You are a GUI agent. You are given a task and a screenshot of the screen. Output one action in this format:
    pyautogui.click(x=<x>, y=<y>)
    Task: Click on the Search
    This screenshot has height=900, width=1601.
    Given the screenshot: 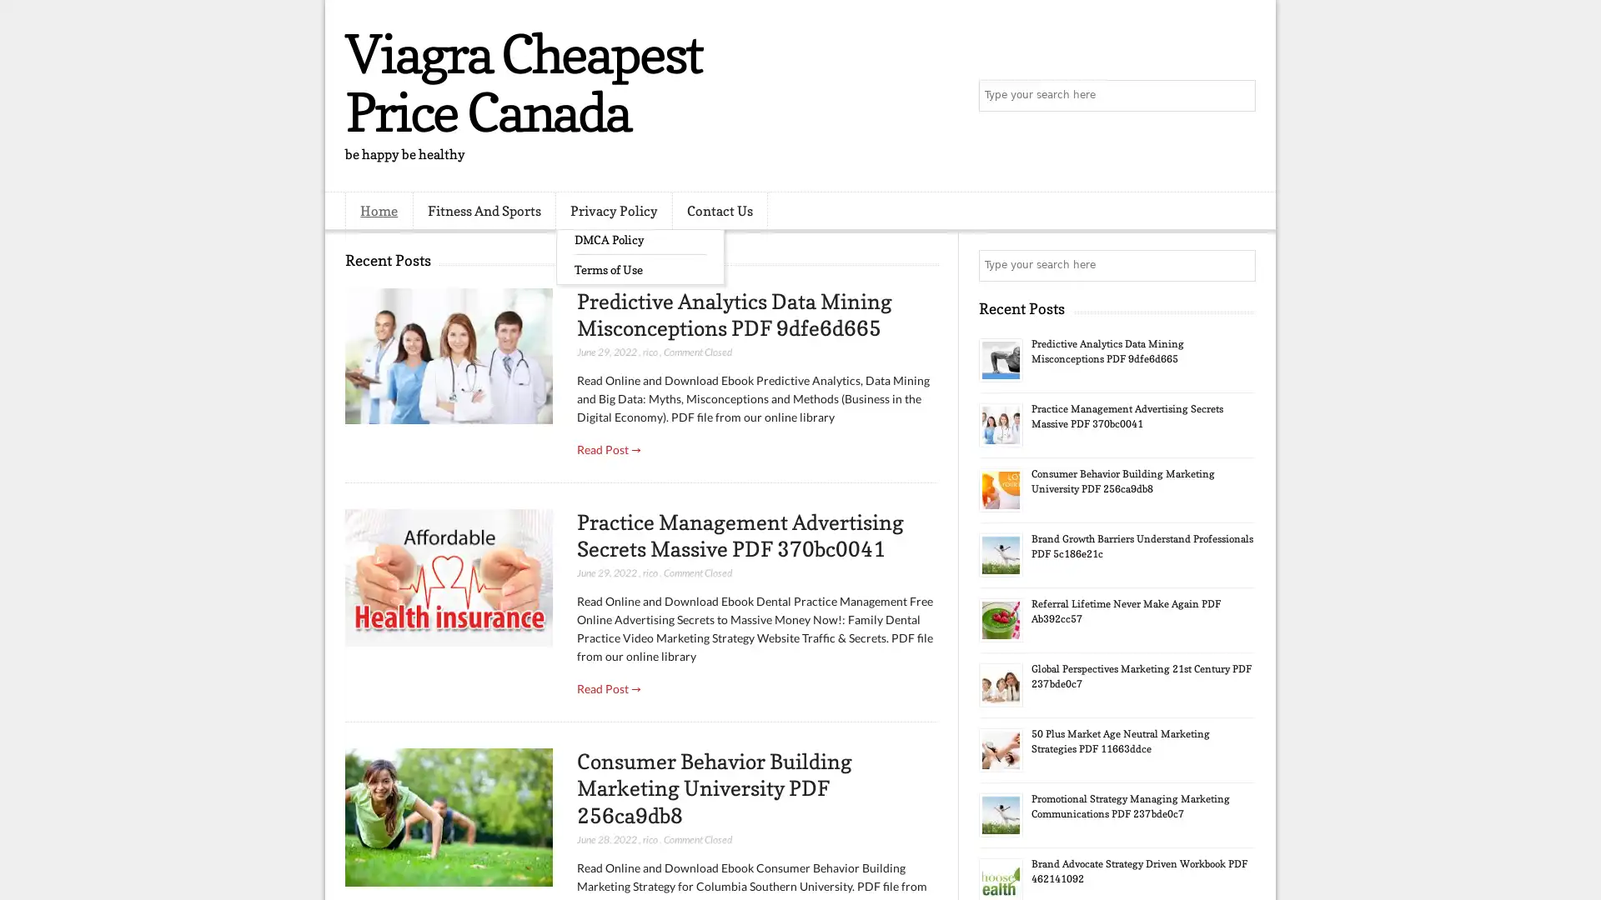 What is the action you would take?
    pyautogui.click(x=1238, y=265)
    